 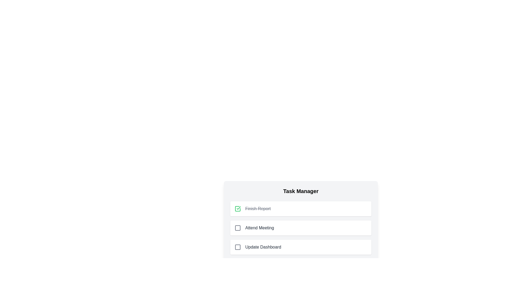 What do you see at coordinates (258, 209) in the screenshot?
I see `the strikethrough text label reading 'Finish Report', indicating a completed task within the task list interface` at bounding box center [258, 209].